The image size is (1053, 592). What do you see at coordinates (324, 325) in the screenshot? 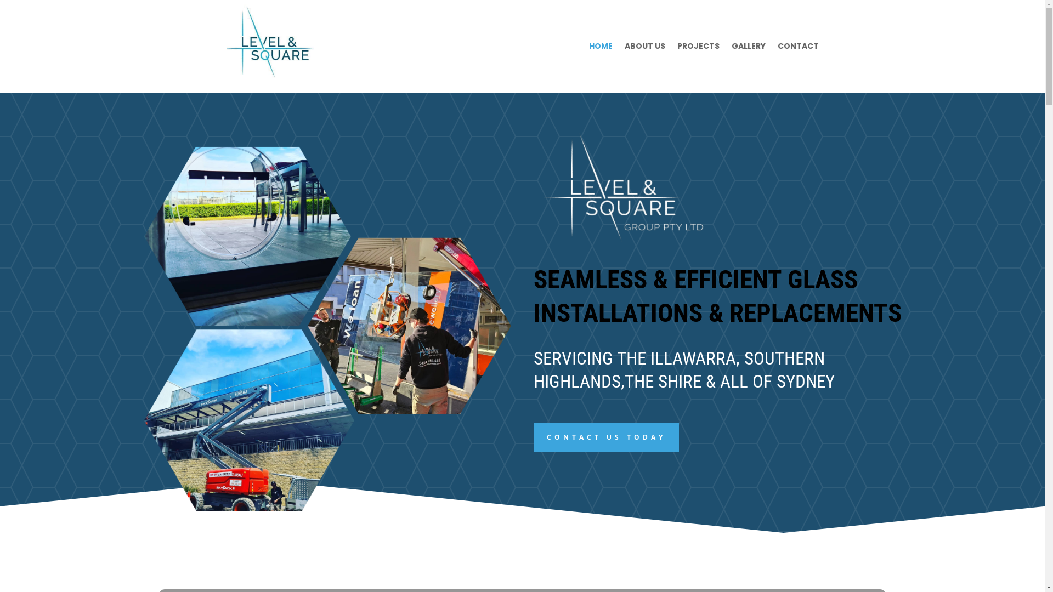
I see `'Untitled design - 2023-10-09T171159.442'` at bounding box center [324, 325].